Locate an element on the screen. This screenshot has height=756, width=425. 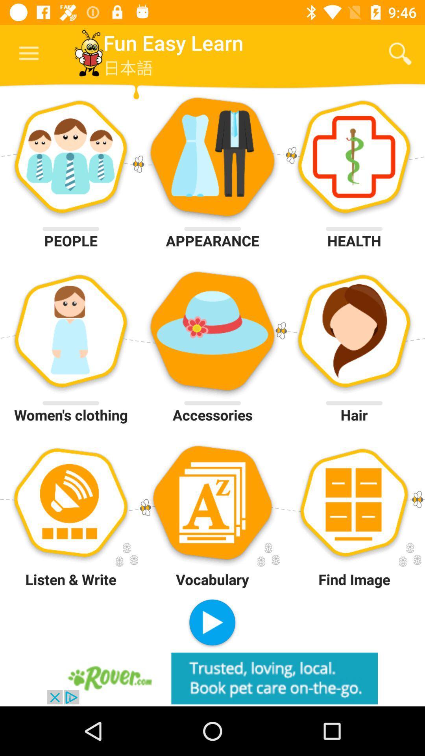
next page is located at coordinates (212, 623).